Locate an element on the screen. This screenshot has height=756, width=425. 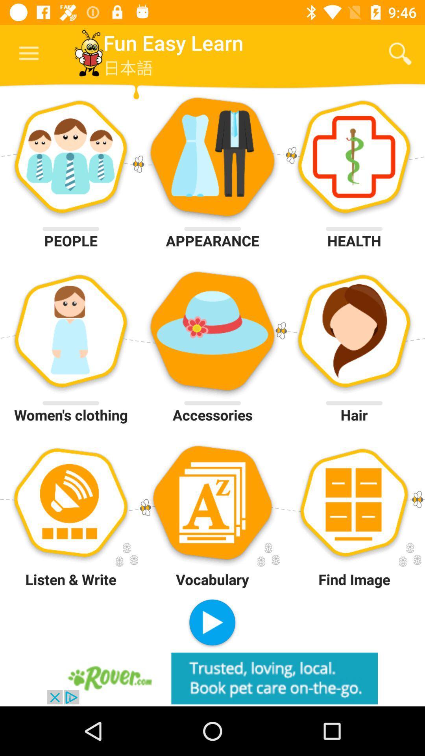
next page is located at coordinates (212, 623).